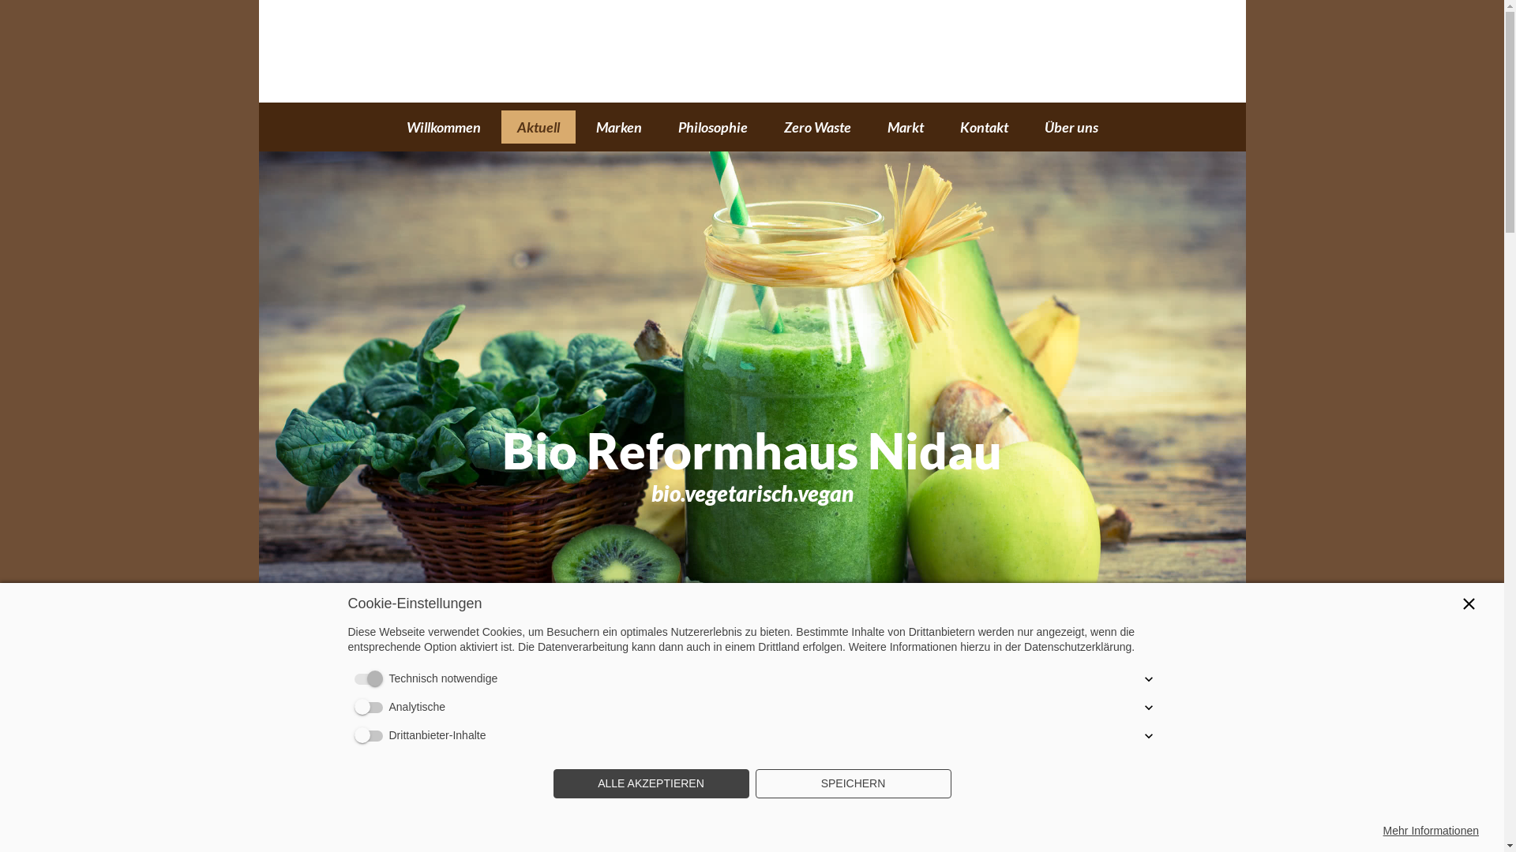 Image resolution: width=1516 pixels, height=852 pixels. What do you see at coordinates (816, 126) in the screenshot?
I see `'Zero Waste'` at bounding box center [816, 126].